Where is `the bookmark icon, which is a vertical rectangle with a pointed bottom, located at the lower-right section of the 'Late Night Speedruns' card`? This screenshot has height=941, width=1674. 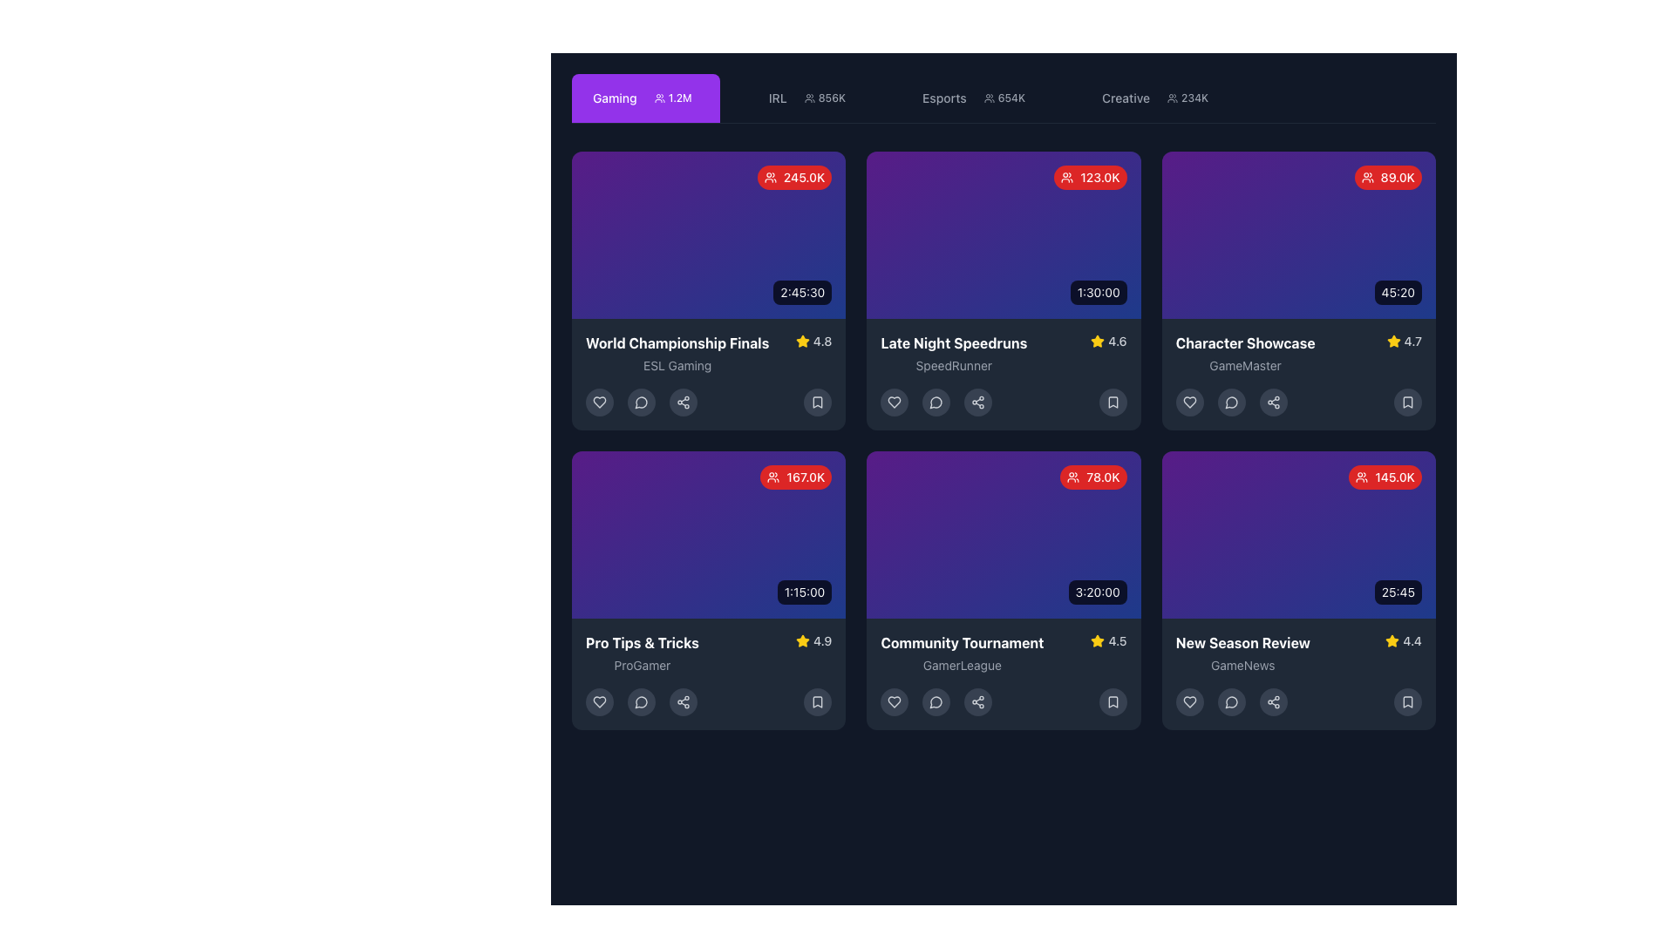 the bookmark icon, which is a vertical rectangle with a pointed bottom, located at the lower-right section of the 'Late Night Speedruns' card is located at coordinates (817, 403).